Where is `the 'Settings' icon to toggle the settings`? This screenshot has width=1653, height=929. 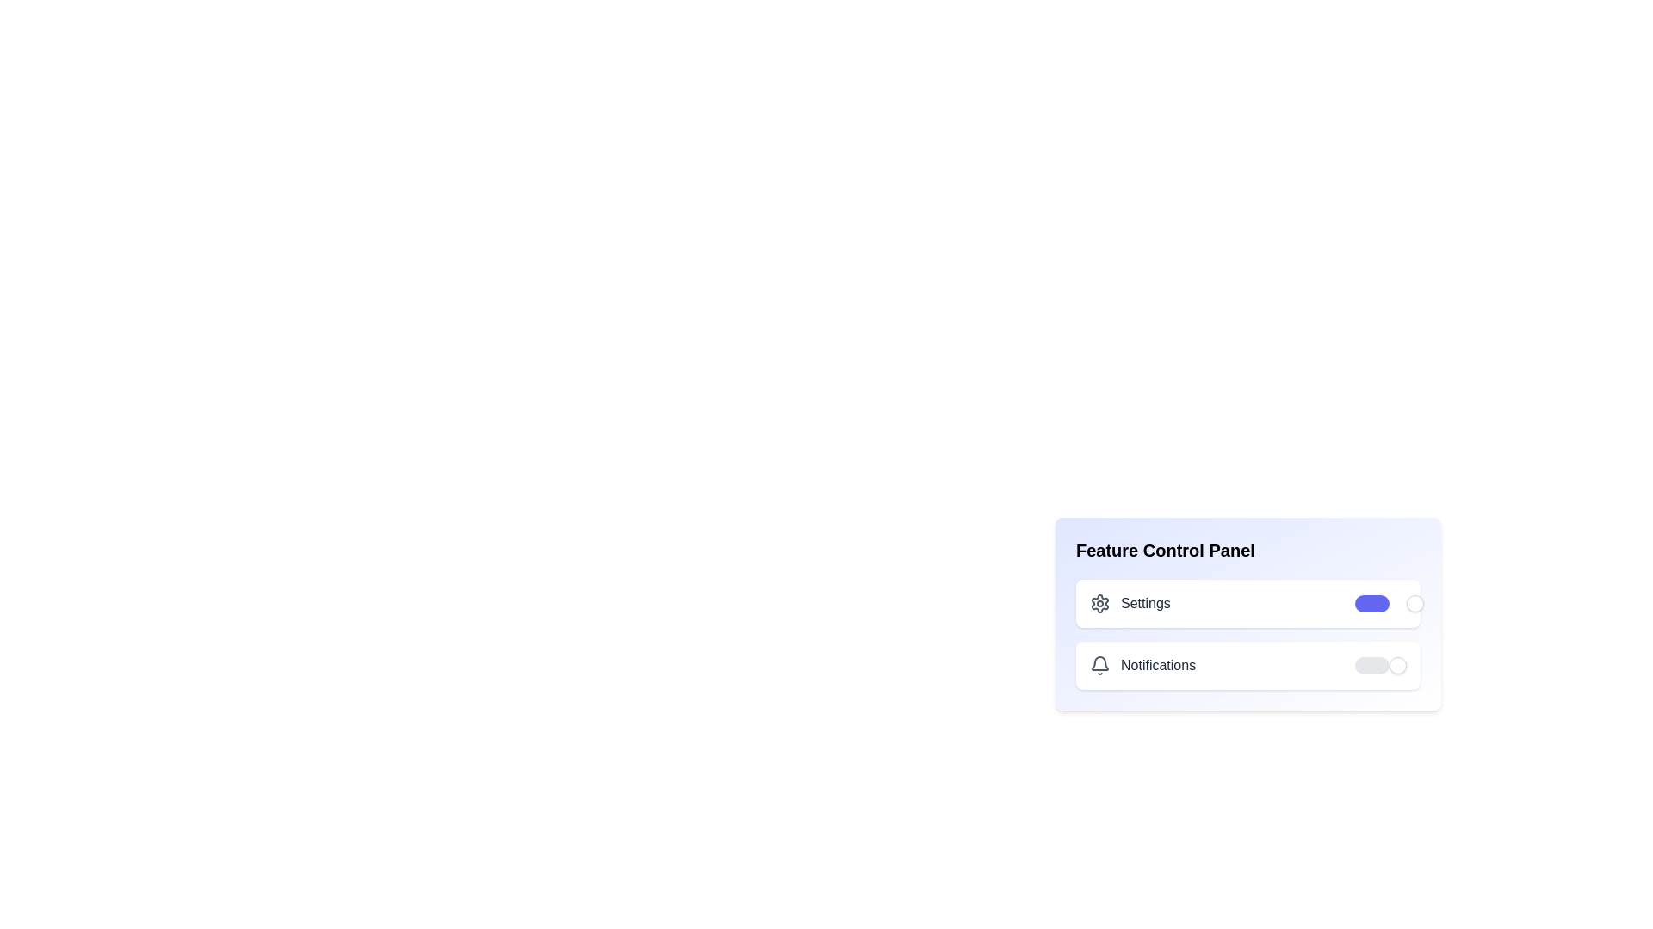
the 'Settings' icon to toggle the settings is located at coordinates (1099, 603).